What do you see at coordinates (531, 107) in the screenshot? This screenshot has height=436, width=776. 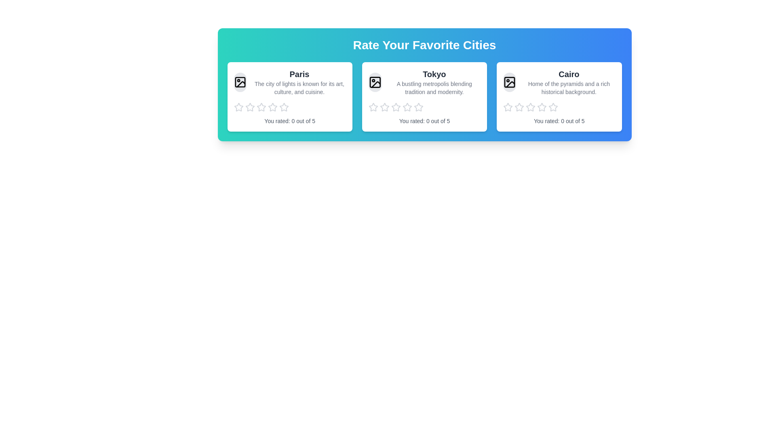 I see `the fourth outlined star icon in the interactive star rating component below the city name 'Cairo' to rate it as 4` at bounding box center [531, 107].